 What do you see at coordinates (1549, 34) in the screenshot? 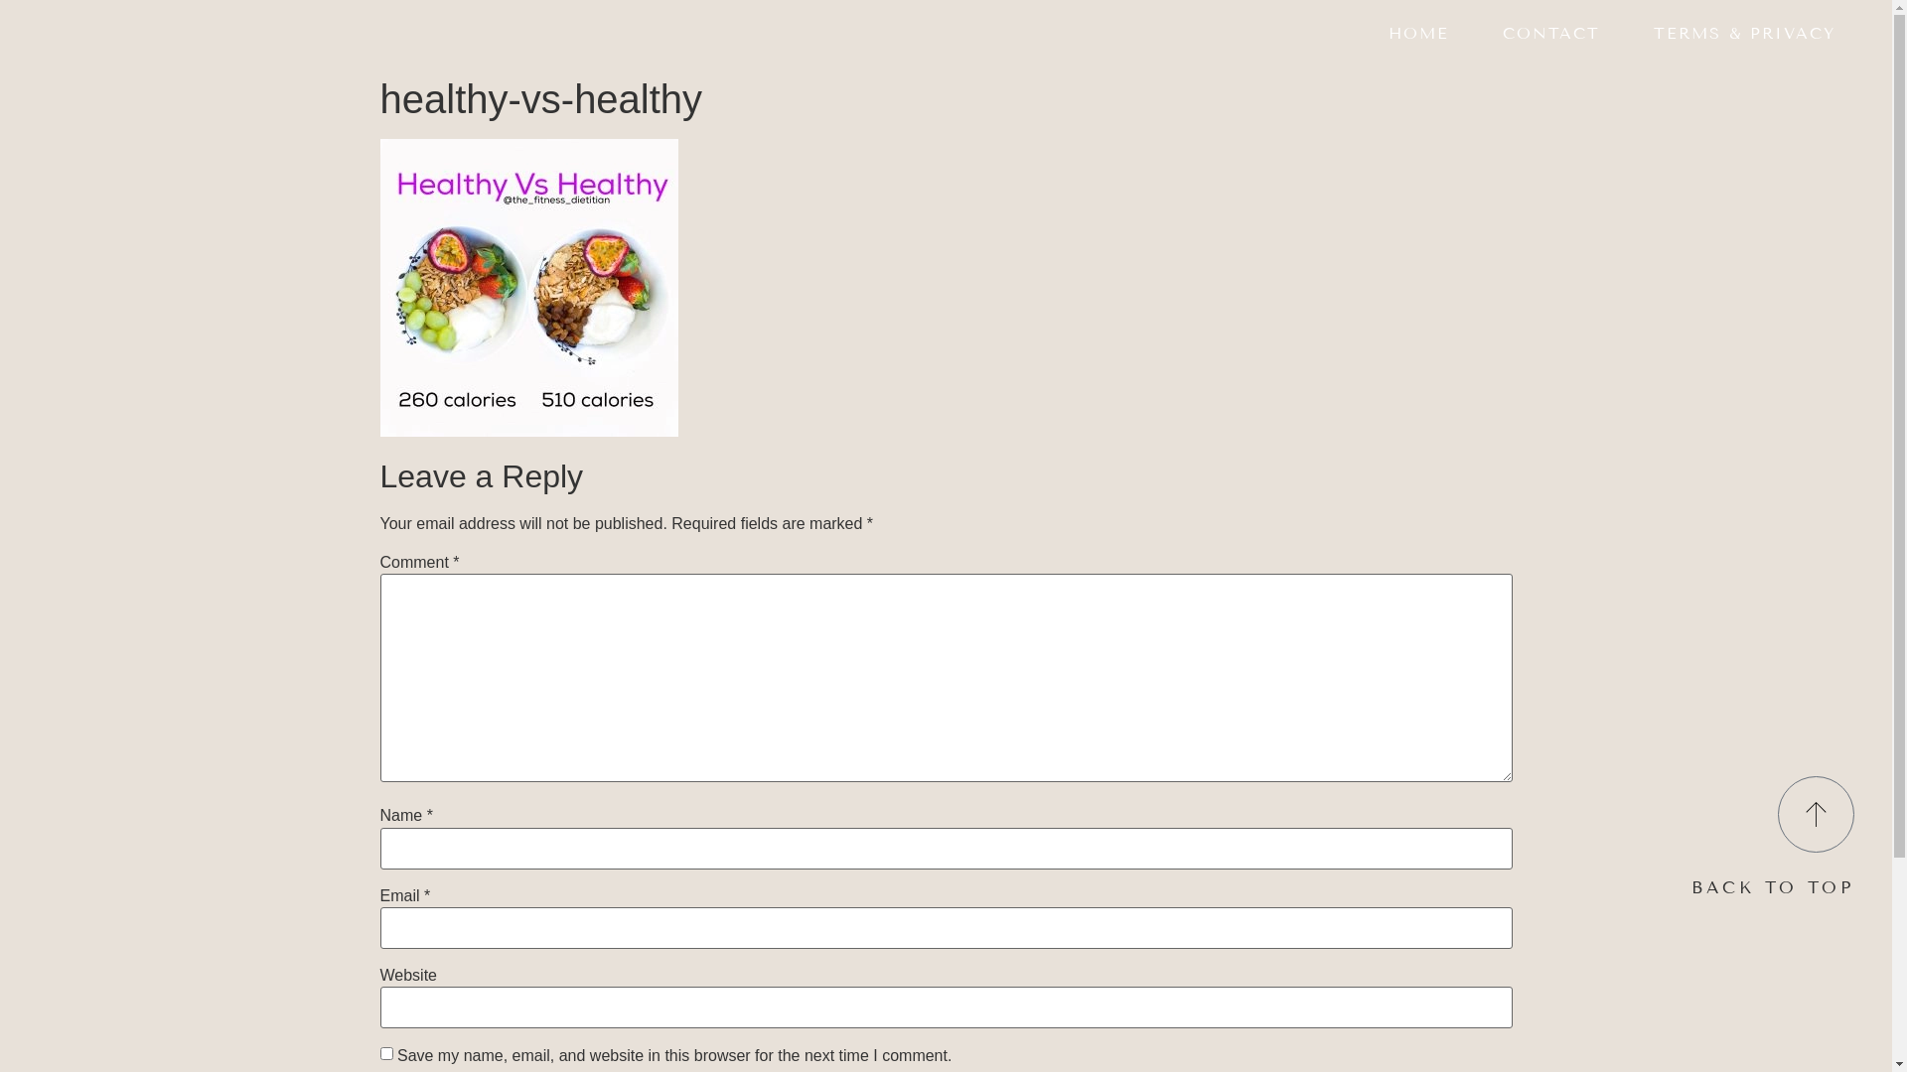
I see `'CONTACT'` at bounding box center [1549, 34].